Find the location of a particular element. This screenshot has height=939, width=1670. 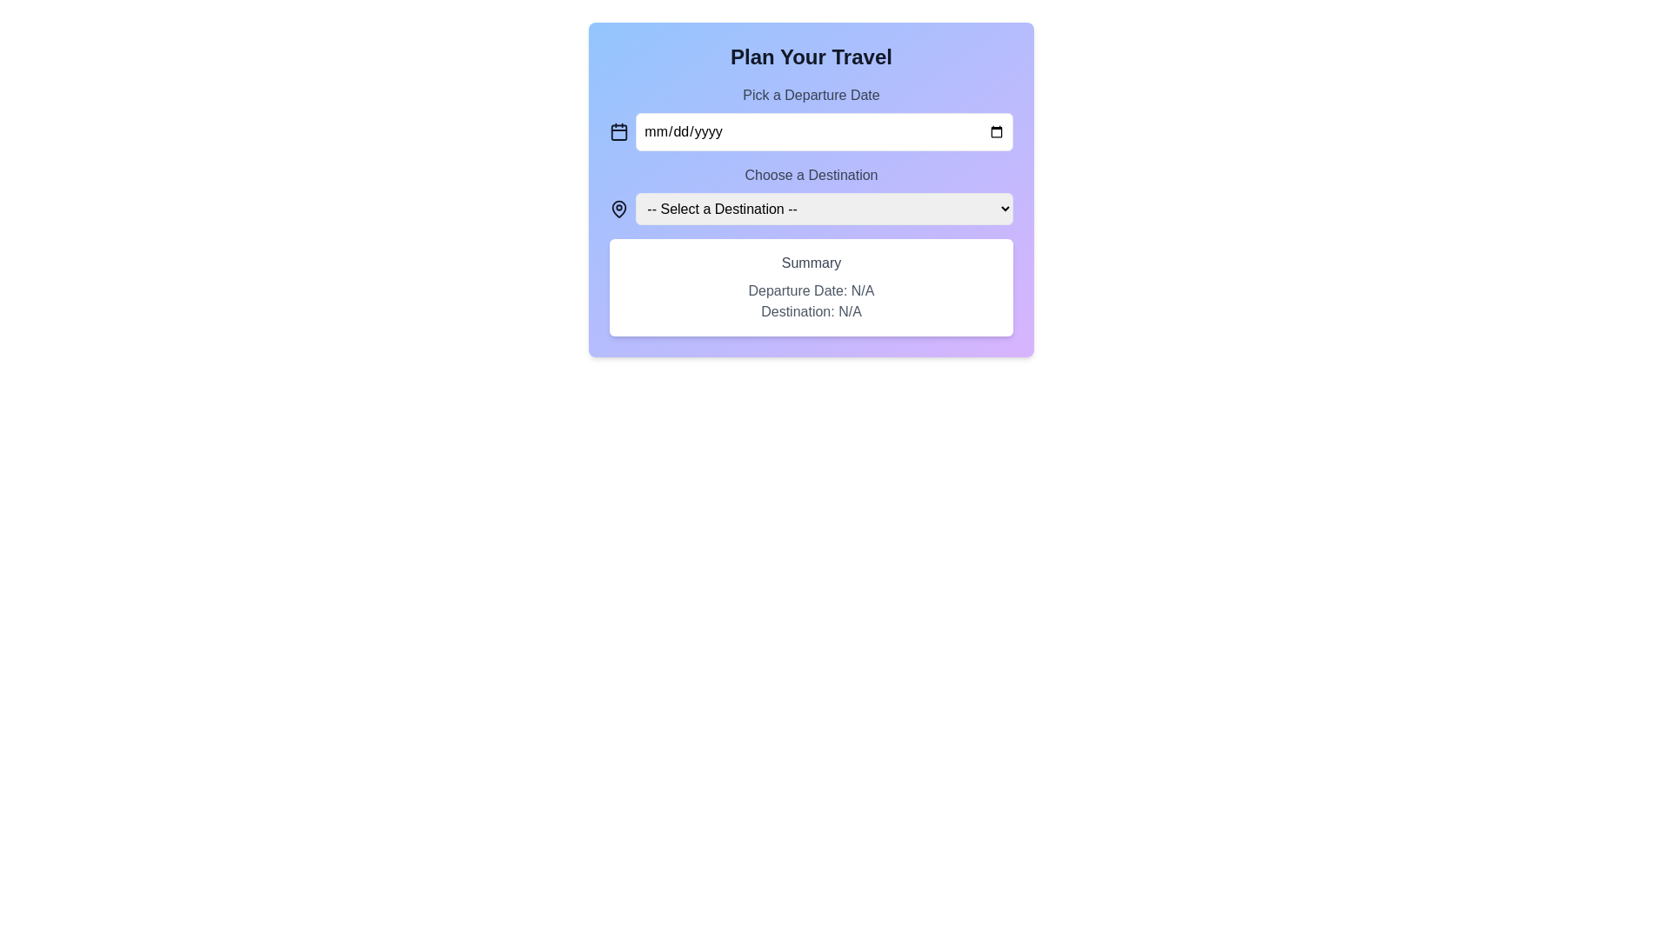

the 'Choose a Destination' dropdown menu located below the 'Pick a Departure Date' field in the 'Plan Your Travel' section is located at coordinates (810, 195).